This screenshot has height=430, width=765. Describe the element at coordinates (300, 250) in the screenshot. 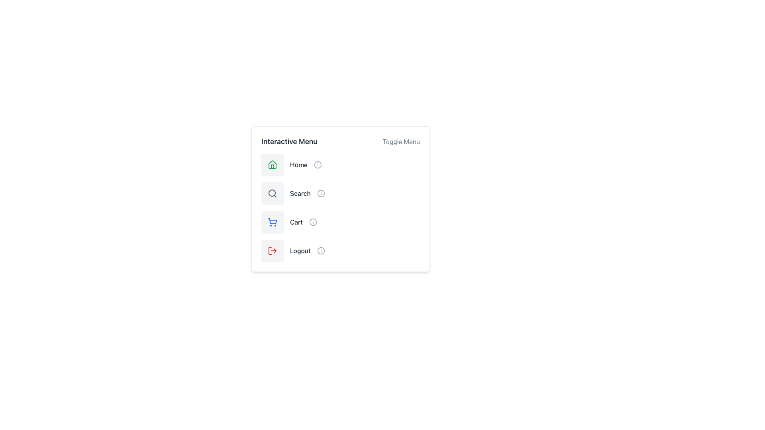

I see `the logout text label in the menu, which is the last item in a vertical list located at the bottom right side of the interface, adjacent to a red logout icon` at that location.